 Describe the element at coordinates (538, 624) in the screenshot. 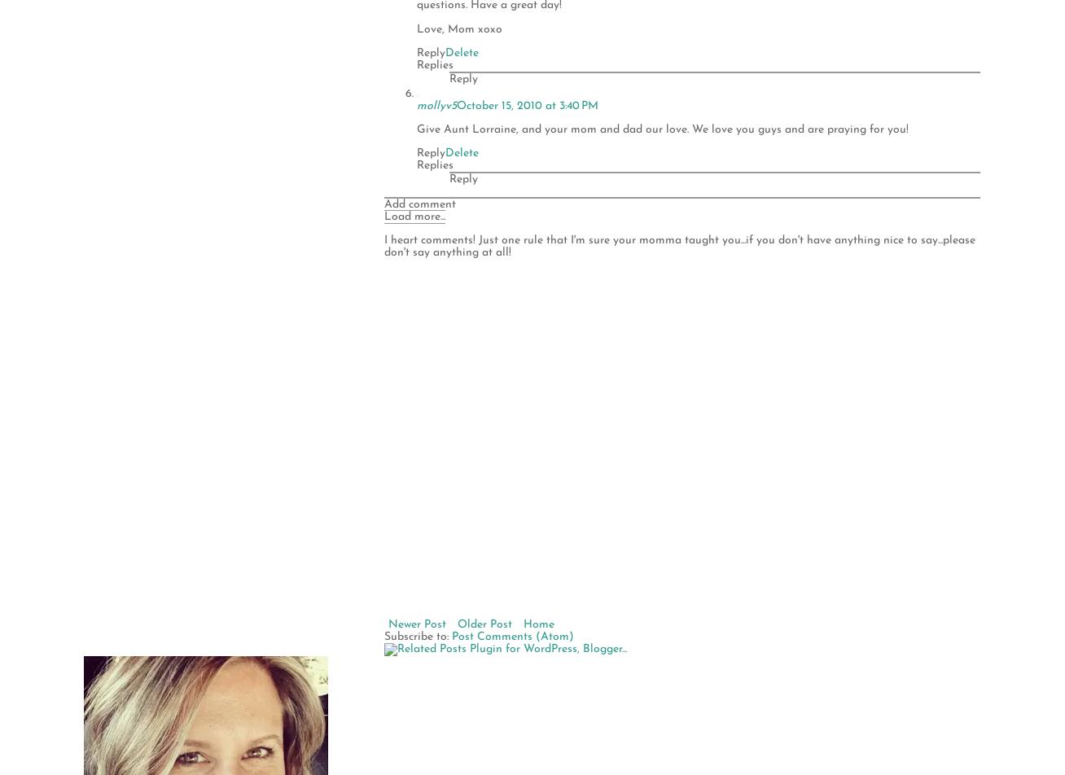

I see `'Home'` at that location.